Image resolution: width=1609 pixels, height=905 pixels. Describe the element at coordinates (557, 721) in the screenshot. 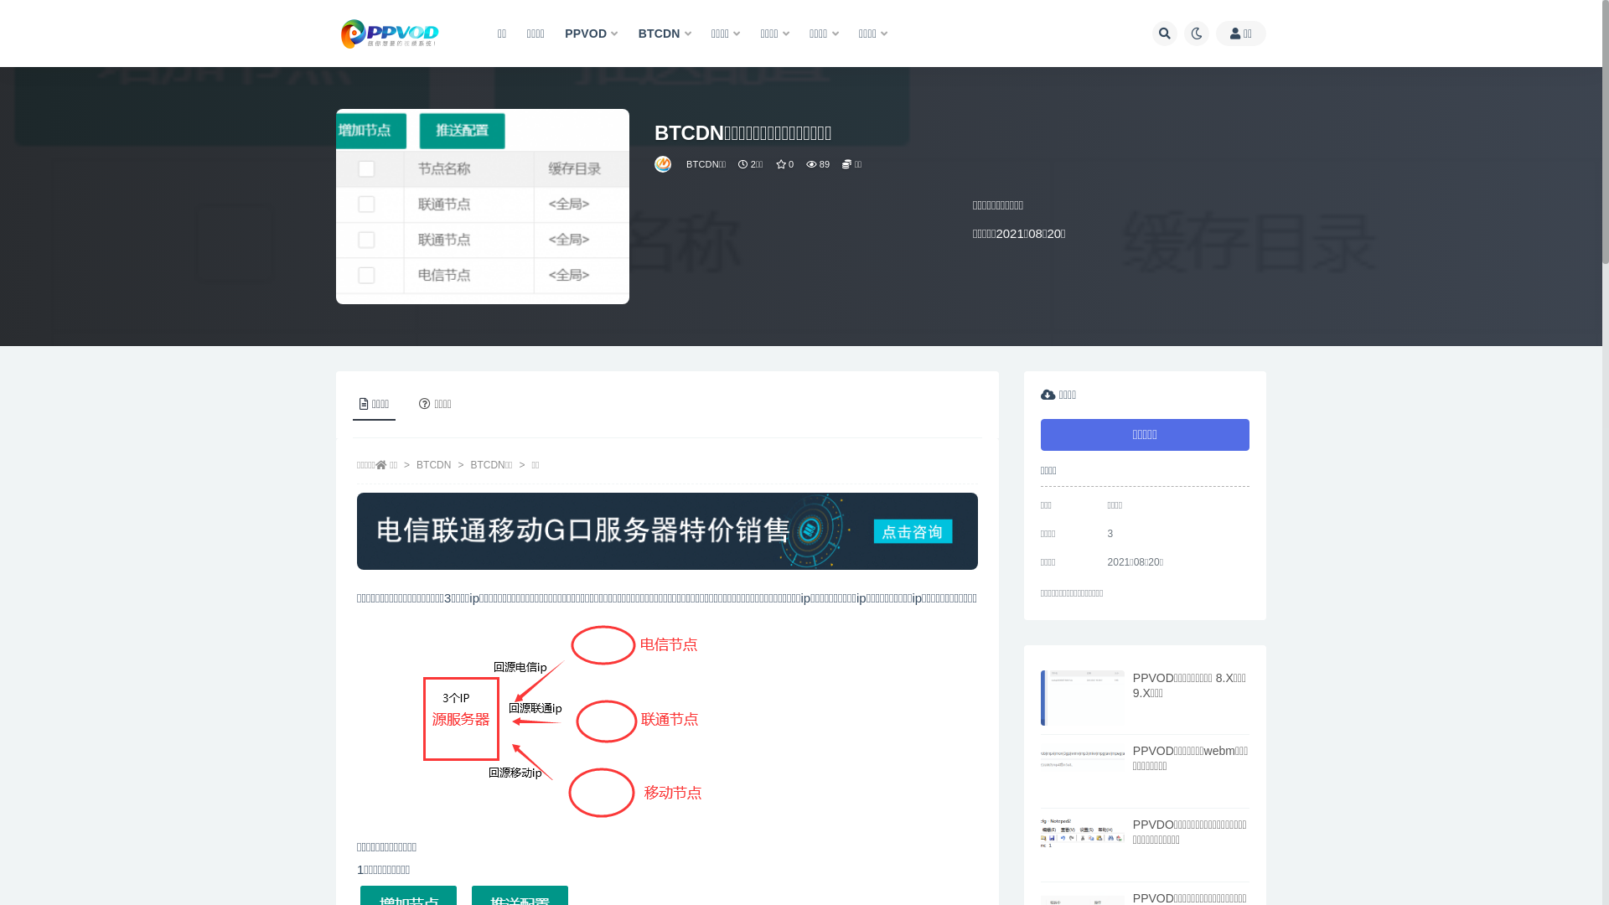

I see `'1628739358-8d22f11da597c24'` at that location.